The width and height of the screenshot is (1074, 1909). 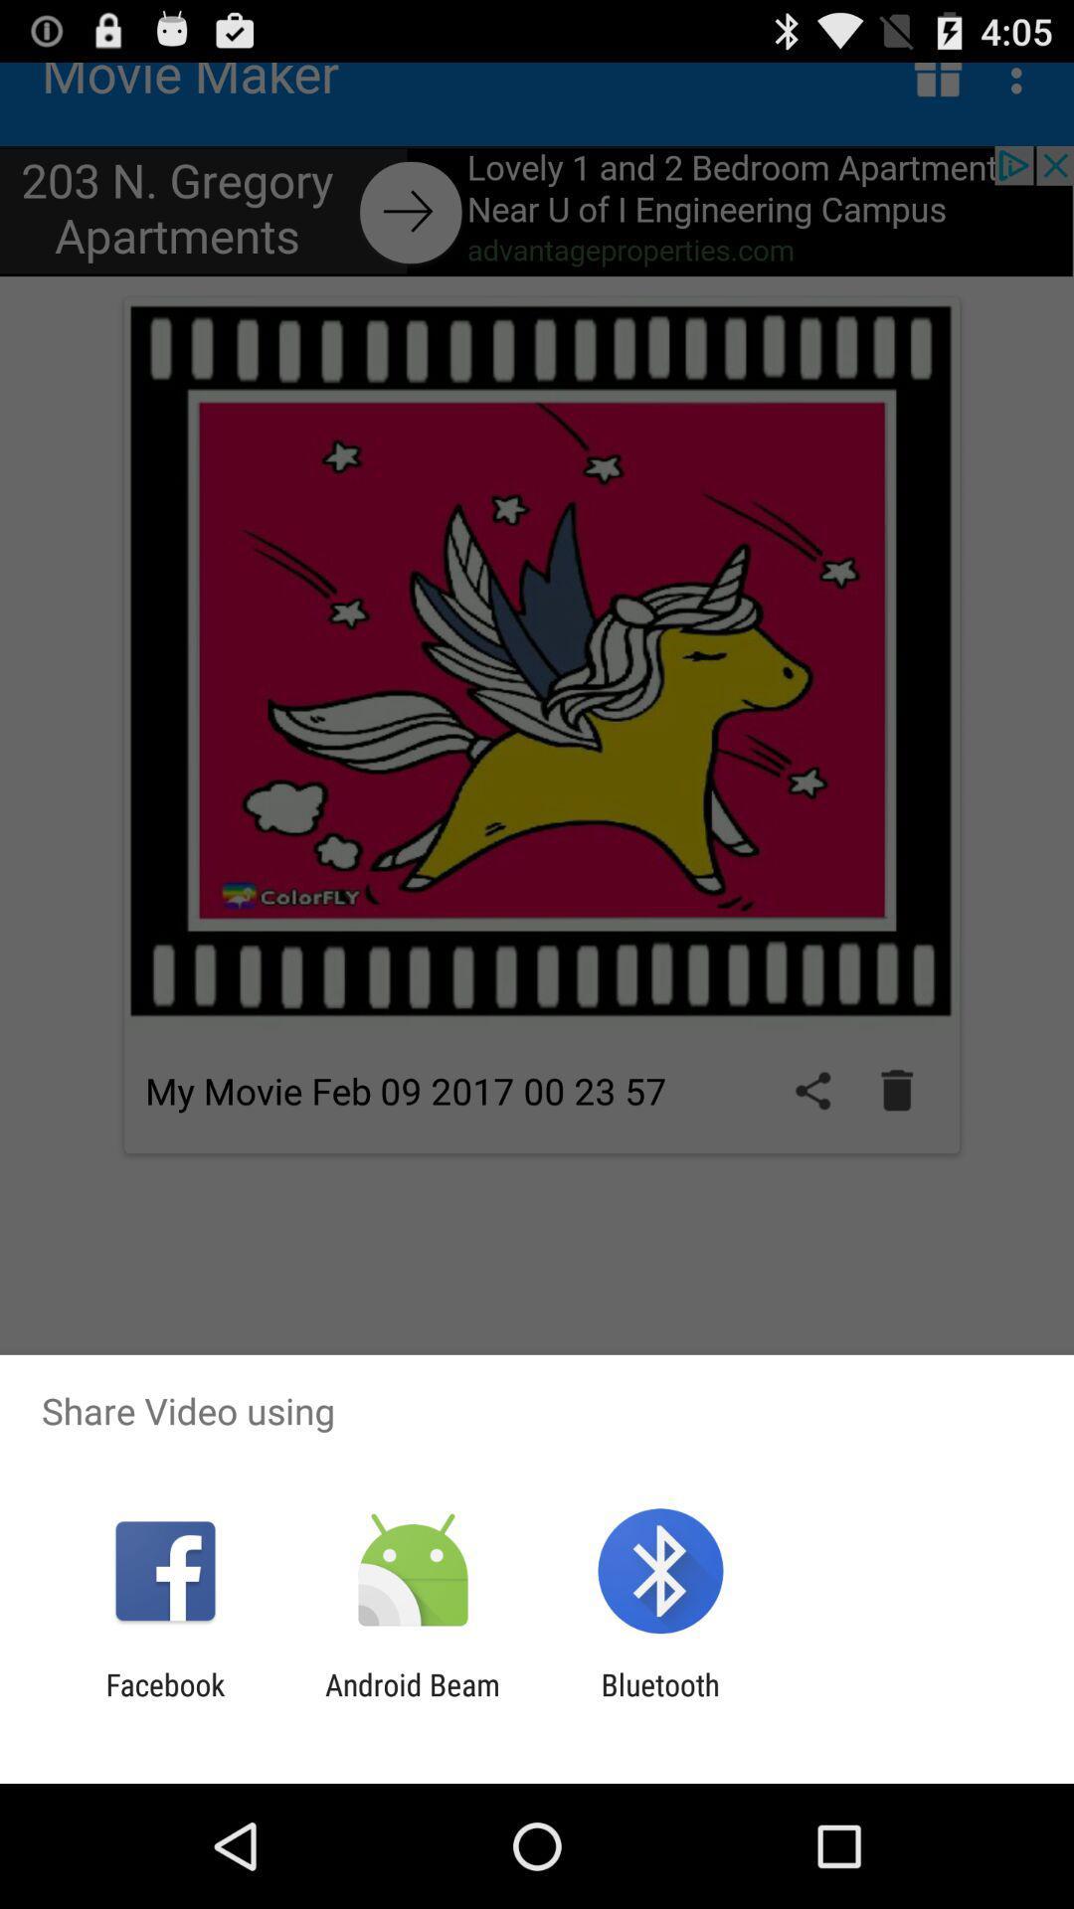 What do you see at coordinates (412, 1701) in the screenshot?
I see `the item to the left of bluetooth icon` at bounding box center [412, 1701].